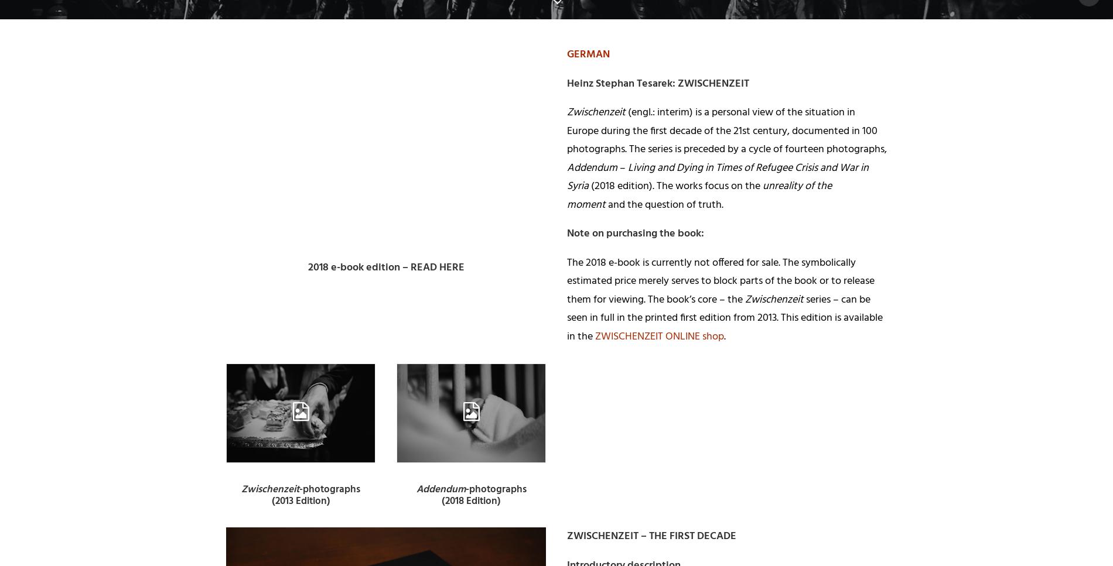 Image resolution: width=1113 pixels, height=566 pixels. I want to click on '(2018 edition). The works focus on the', so click(588, 186).